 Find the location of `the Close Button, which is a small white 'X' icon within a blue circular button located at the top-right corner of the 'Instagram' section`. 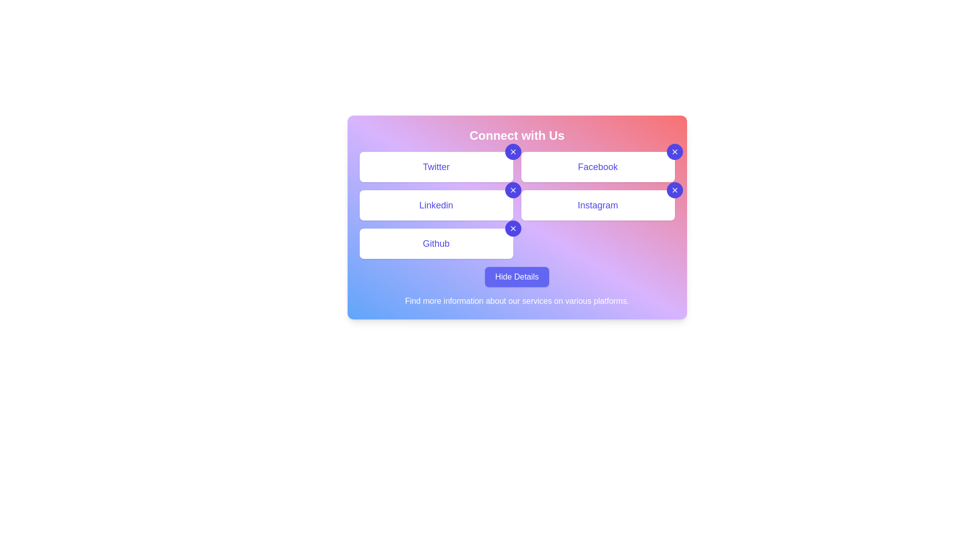

the Close Button, which is a small white 'X' icon within a blue circular button located at the top-right corner of the 'Instagram' section is located at coordinates (674, 190).